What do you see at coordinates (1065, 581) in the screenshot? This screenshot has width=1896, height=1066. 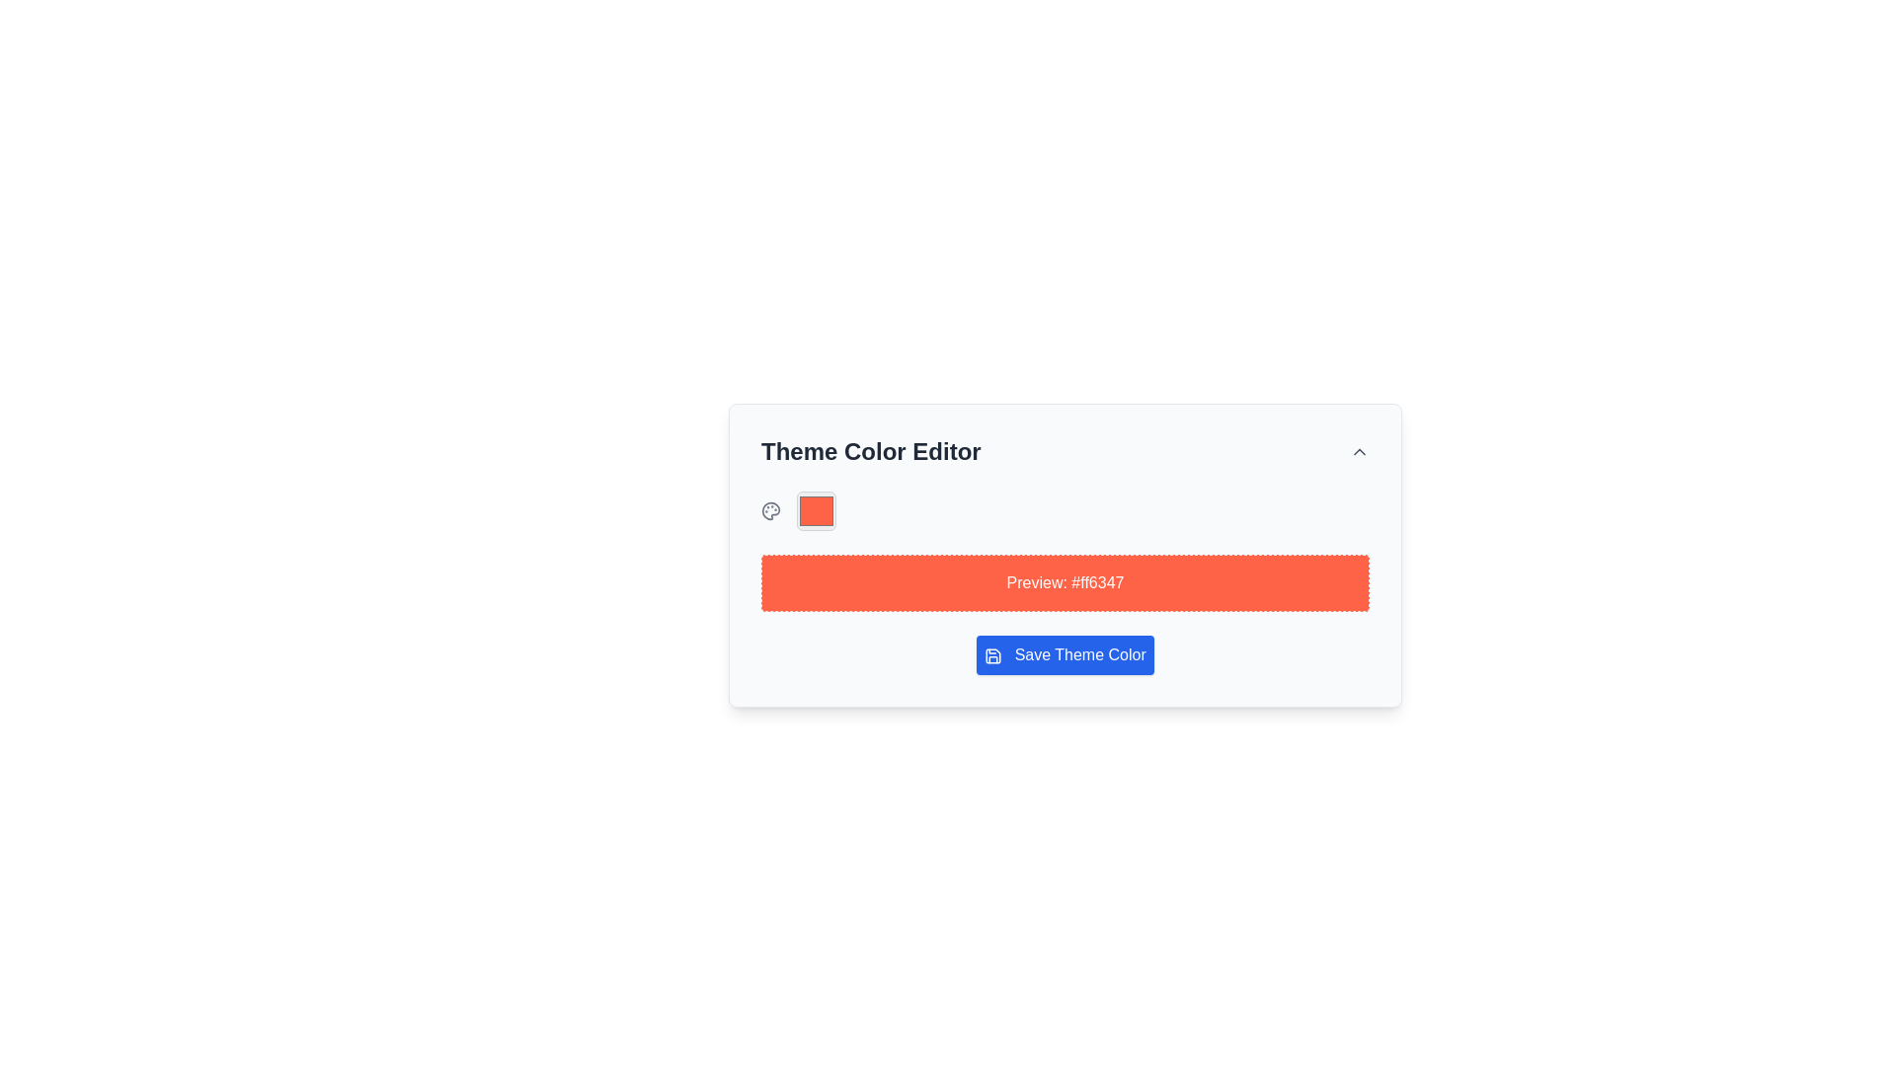 I see `the Informational Display Box element with a dashed border and a background color of rgb(255, 99, 71) that displays the text 'Preview: #ff6347' in white. This box is located in the 'Theme Color Editor' section, above the 'Save Theme Color' button` at bounding box center [1065, 581].